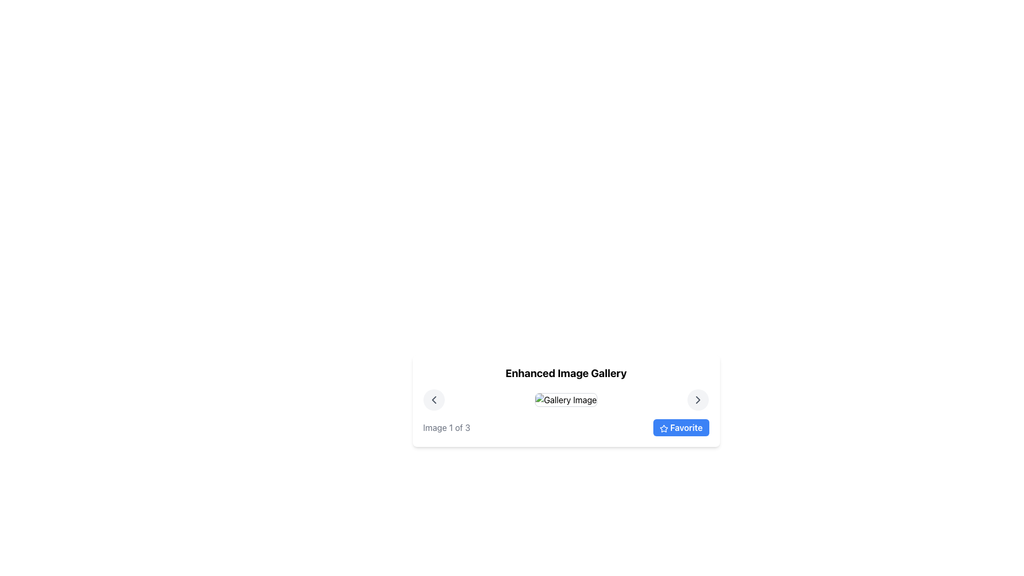 Image resolution: width=1024 pixels, height=576 pixels. I want to click on the circular button with a light gray background and dark gray rightward arrow icon, so click(698, 399).